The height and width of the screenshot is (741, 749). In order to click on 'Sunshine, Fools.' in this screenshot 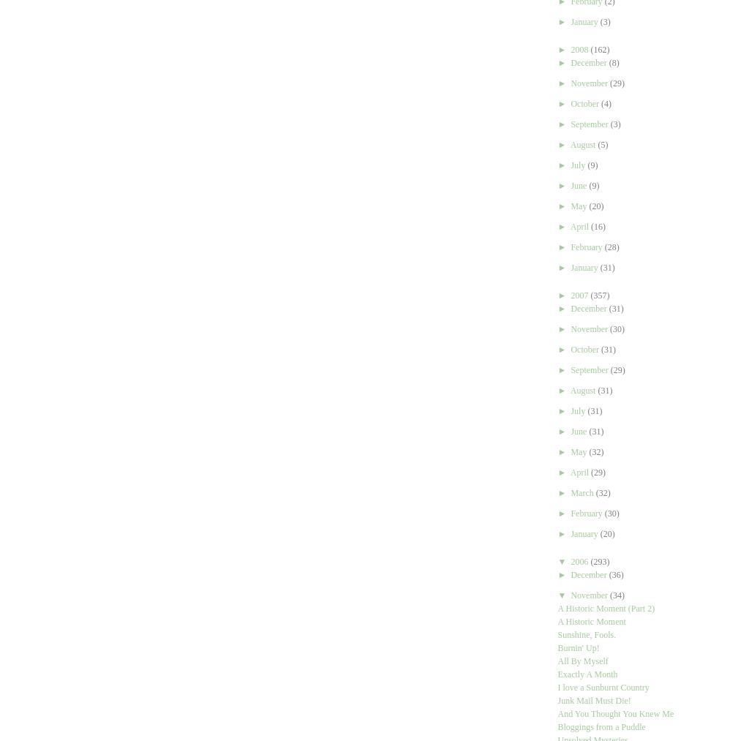, I will do `click(586, 634)`.